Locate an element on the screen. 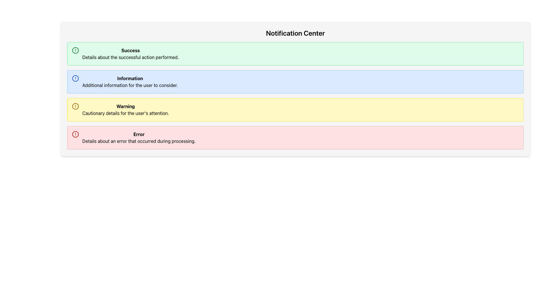 This screenshot has width=547, height=308. the text content located in the middle section of the notification area, specifically below the bold 'Information' heading in a blue-shaded box is located at coordinates (130, 85).